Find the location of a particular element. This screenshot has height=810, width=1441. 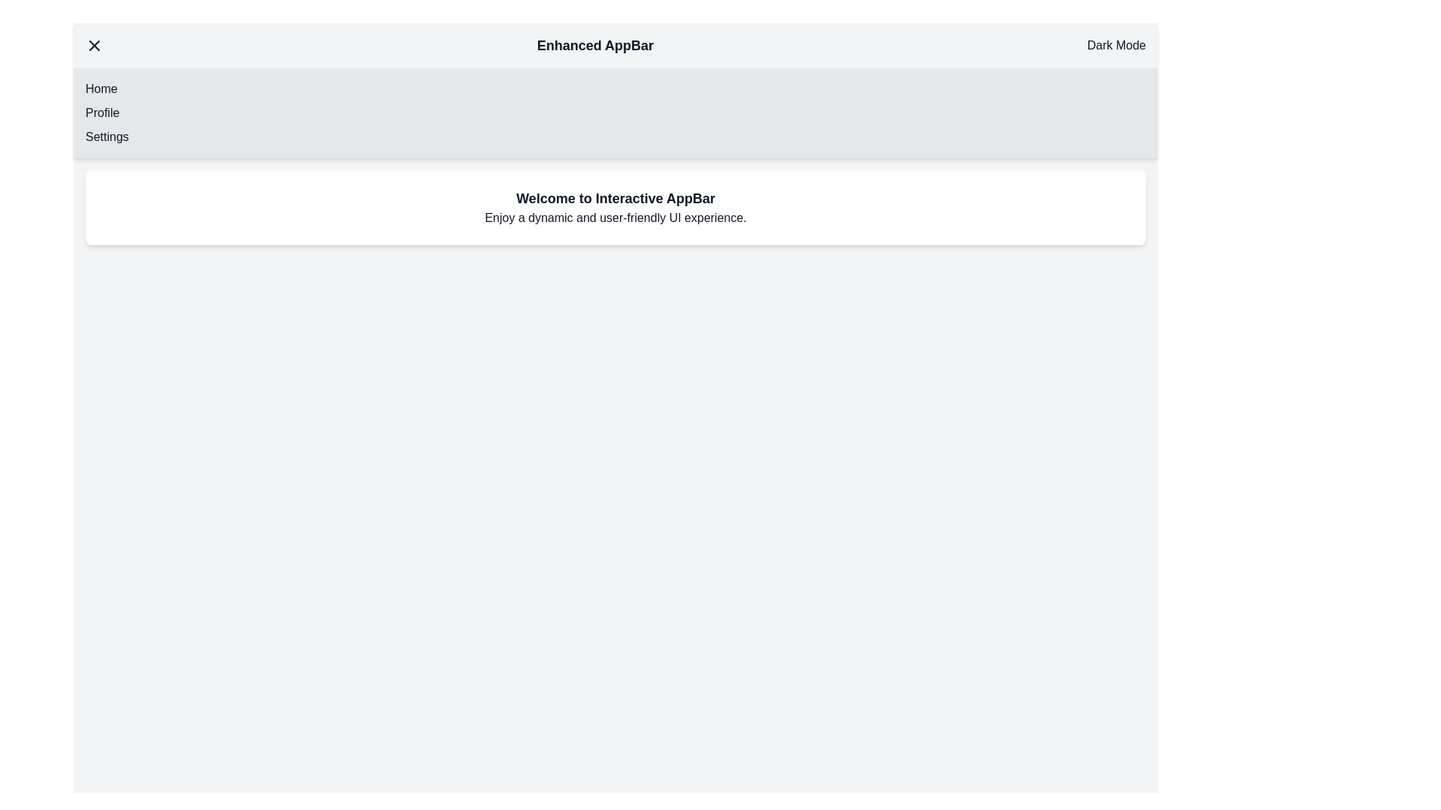

the Settings button to navigate to the respective section is located at coordinates (107, 136).